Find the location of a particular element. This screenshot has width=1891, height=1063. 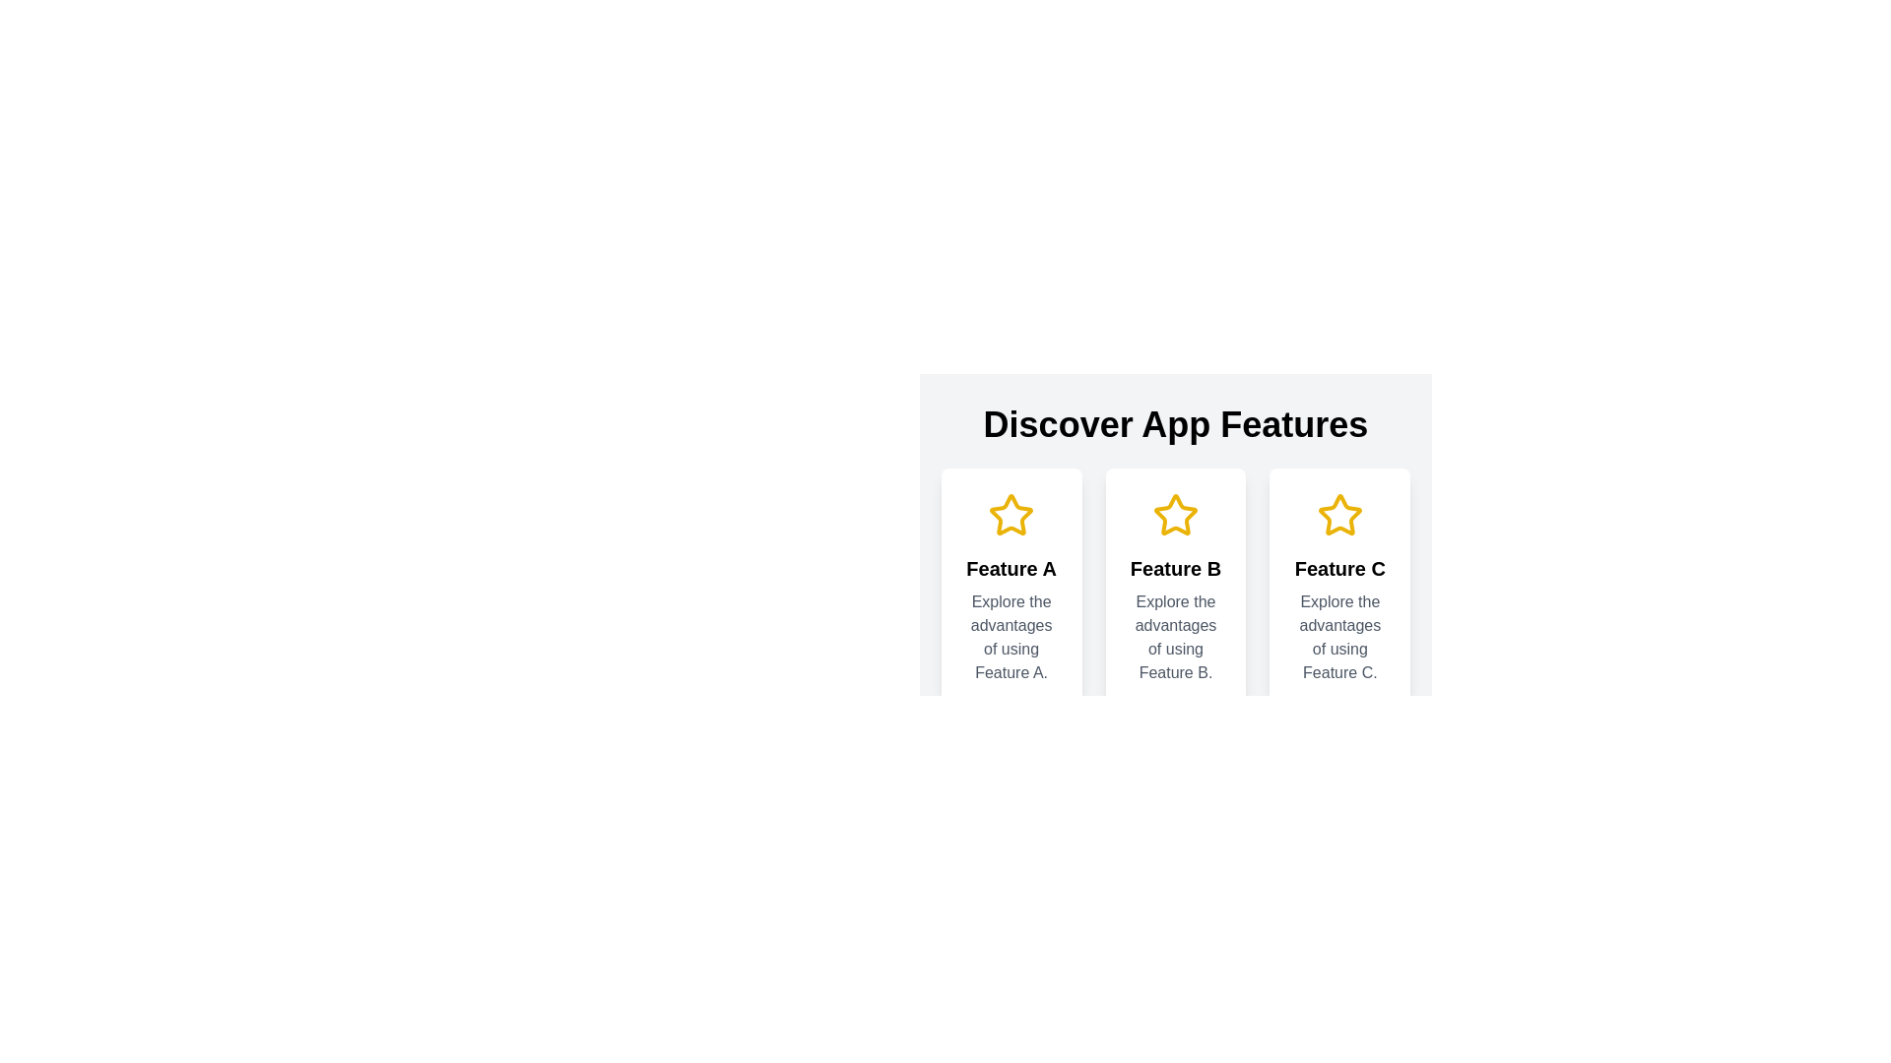

the text label that reads 'Explore the advantages of using Feature C.' which is styled with gray color and centered alignment, located below the heading 'Feature C.' is located at coordinates (1339, 638).